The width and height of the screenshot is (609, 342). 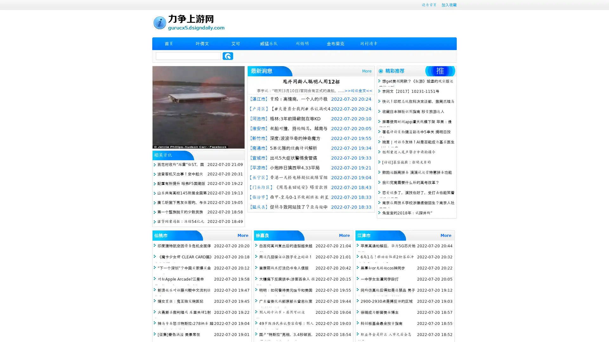 What do you see at coordinates (228, 56) in the screenshot?
I see `Search` at bounding box center [228, 56].